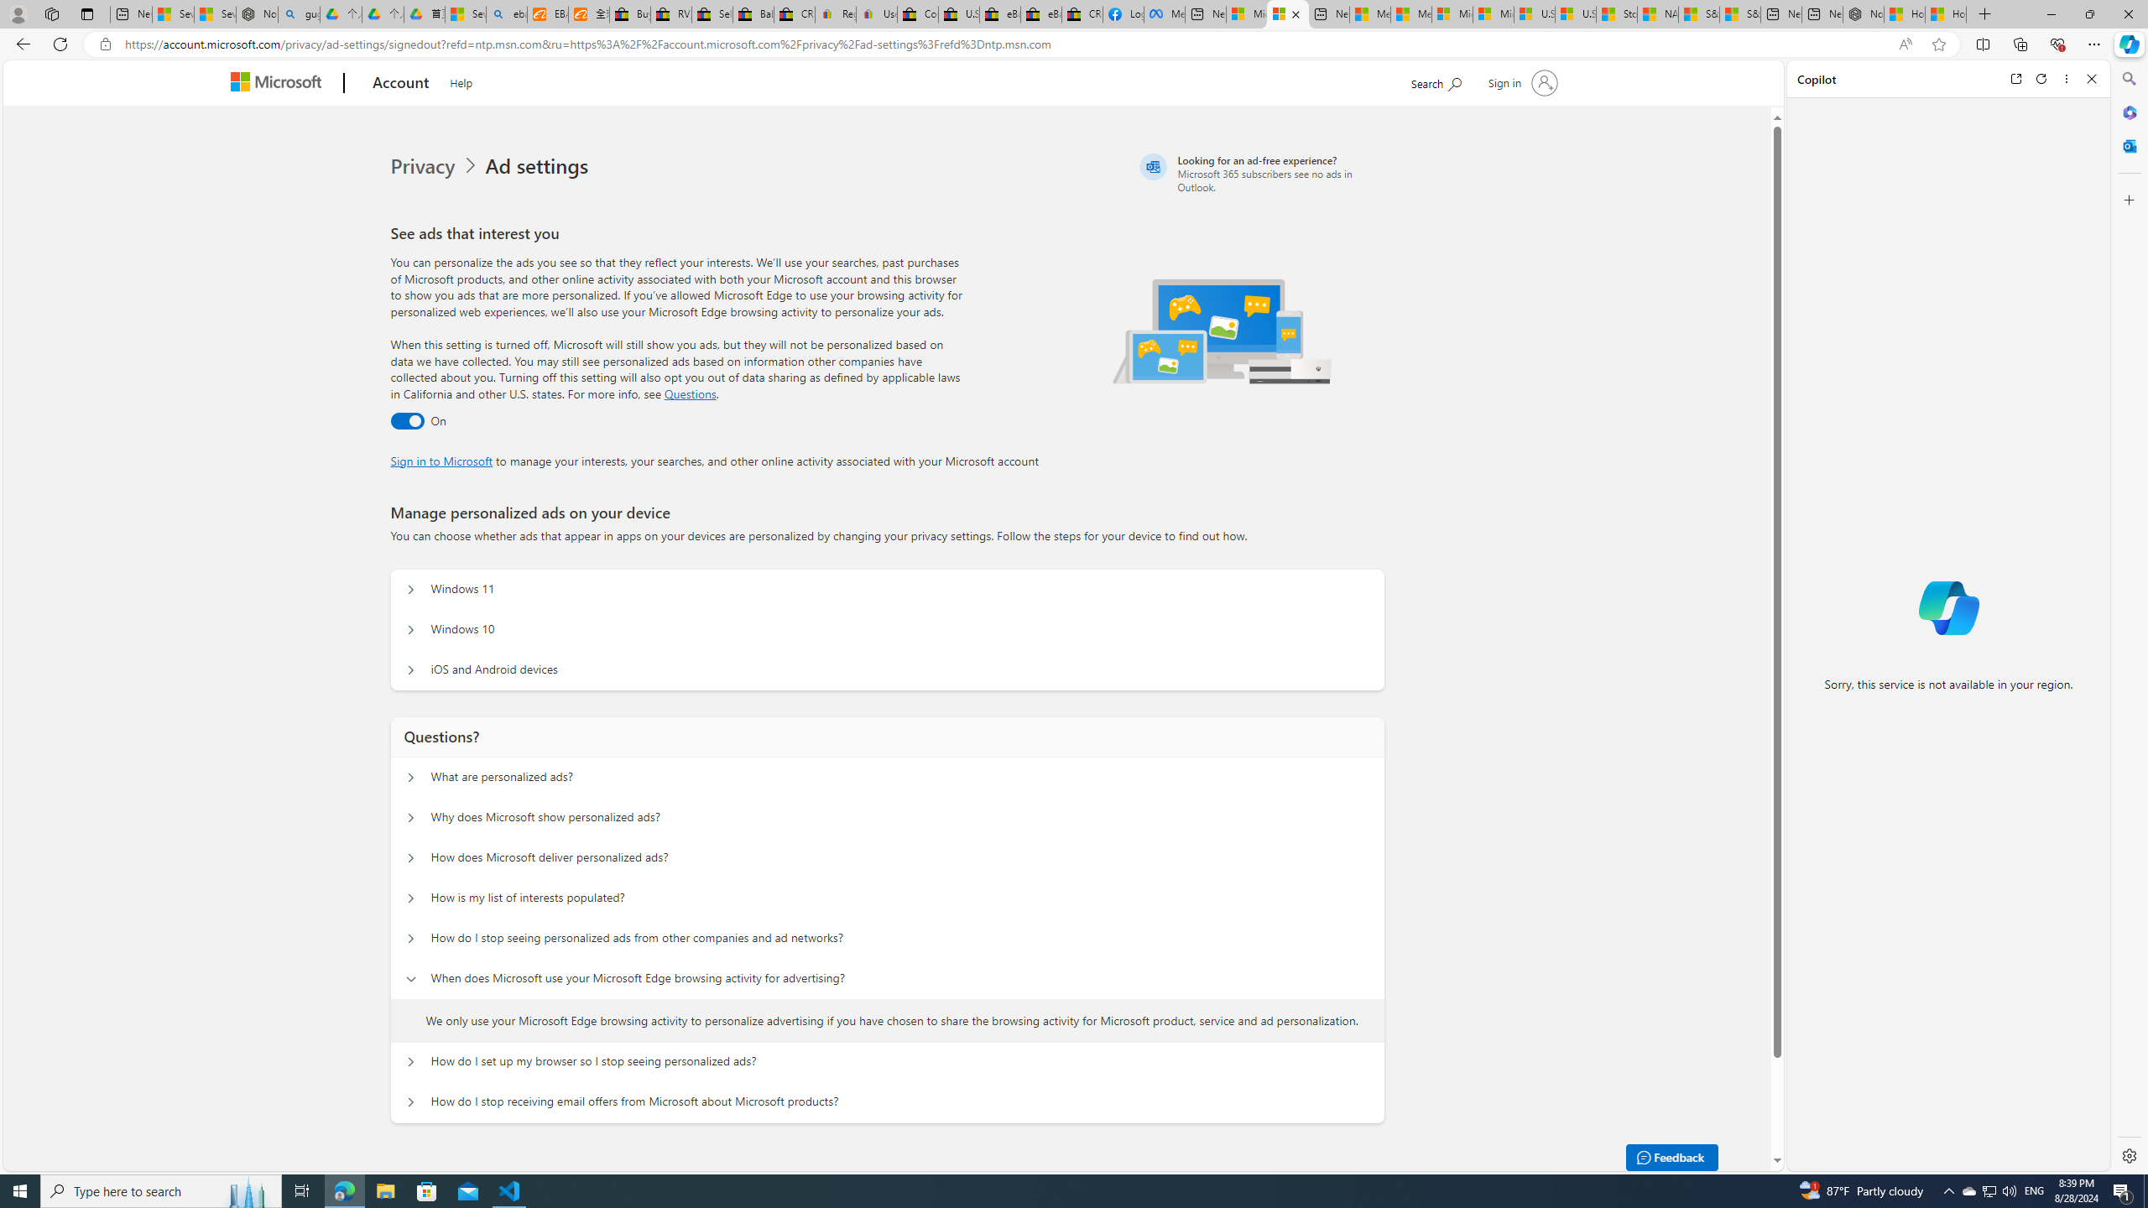  Describe the element at coordinates (834, 13) in the screenshot. I see `'Register: Create a personal eBay account'` at that location.